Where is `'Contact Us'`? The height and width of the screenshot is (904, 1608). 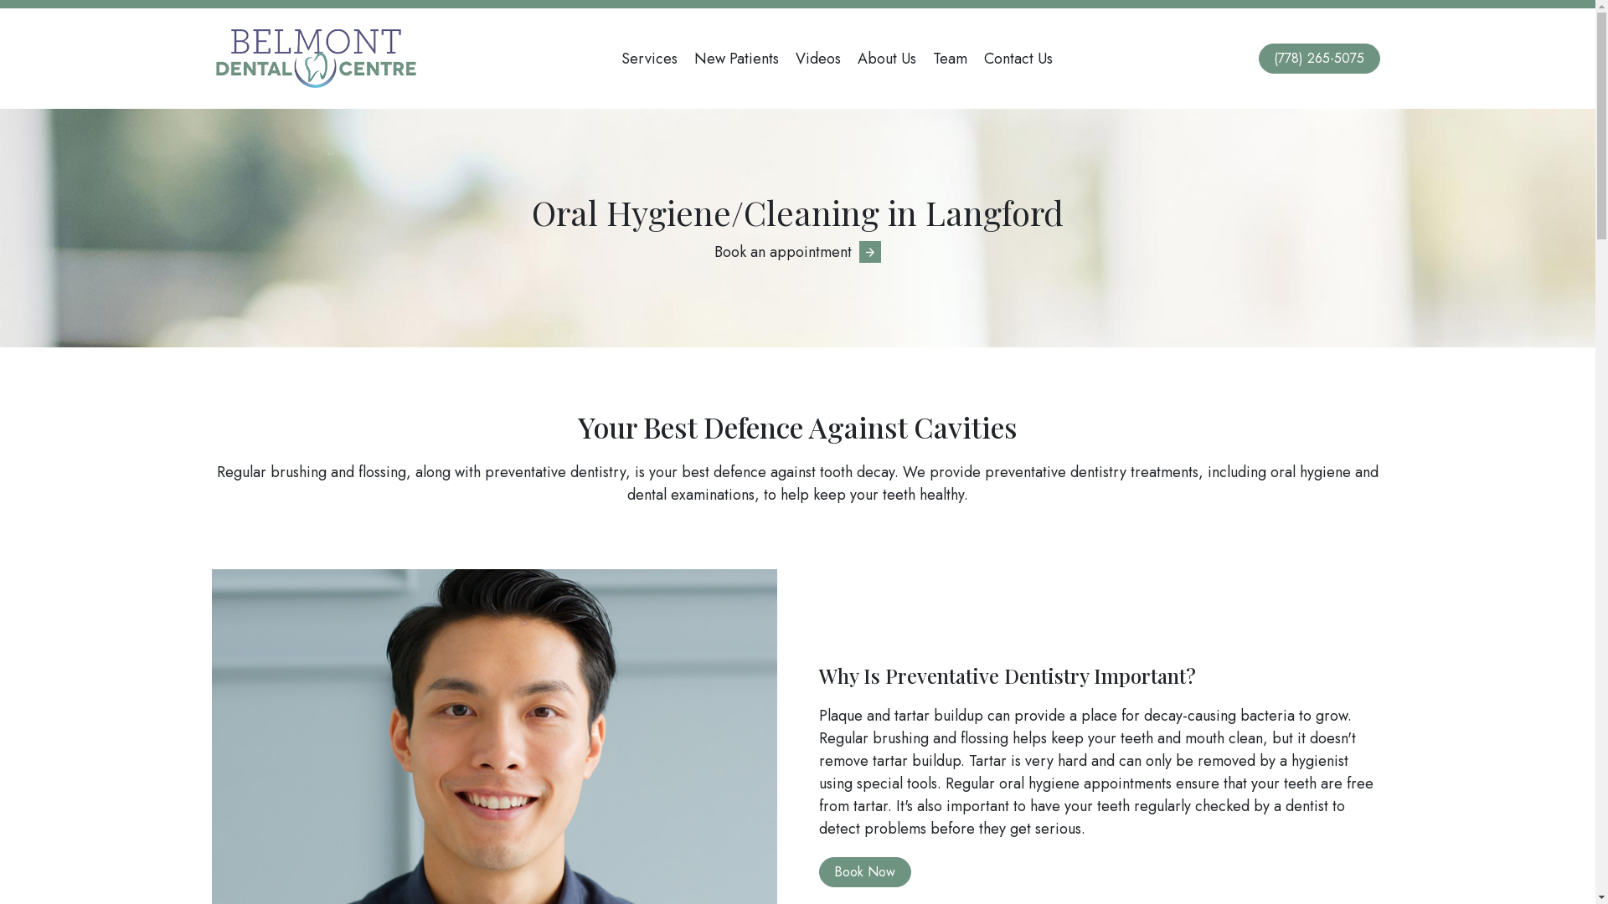
'Contact Us' is located at coordinates (1017, 58).